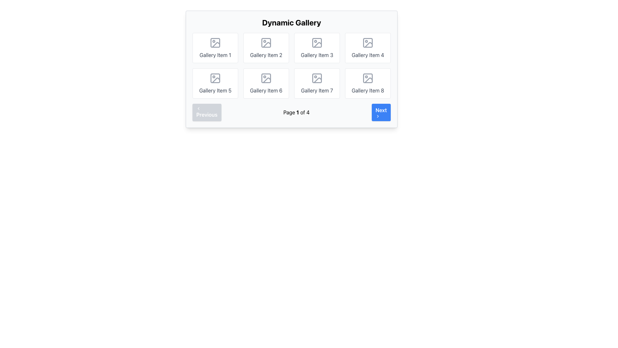 The width and height of the screenshot is (618, 348). I want to click on the gray icon representing an image with a mountain and sun symbol, located in the eighth card of a two-row gallery layout, centered above 'Gallery Item 8', so click(368, 78).